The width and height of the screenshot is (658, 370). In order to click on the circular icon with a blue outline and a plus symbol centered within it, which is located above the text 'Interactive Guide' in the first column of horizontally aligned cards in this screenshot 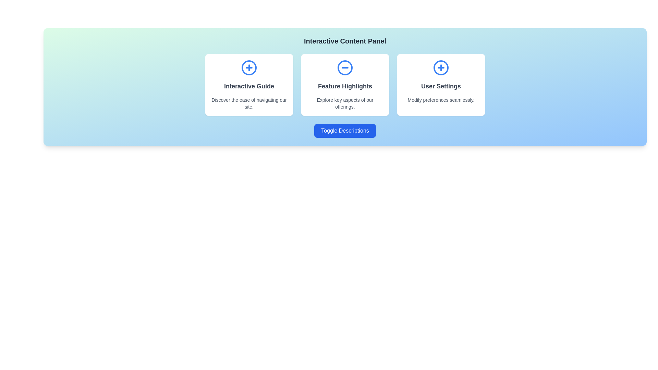, I will do `click(248, 67)`.